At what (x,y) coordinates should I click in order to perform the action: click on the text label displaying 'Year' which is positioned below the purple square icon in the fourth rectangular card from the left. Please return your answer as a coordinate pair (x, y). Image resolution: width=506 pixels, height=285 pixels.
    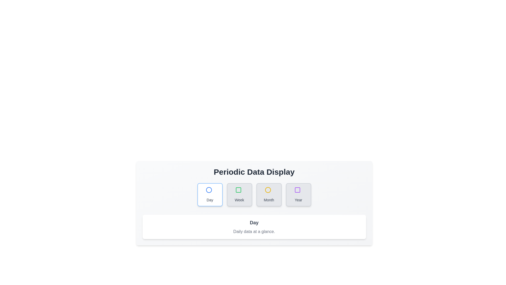
    Looking at the image, I should click on (298, 200).